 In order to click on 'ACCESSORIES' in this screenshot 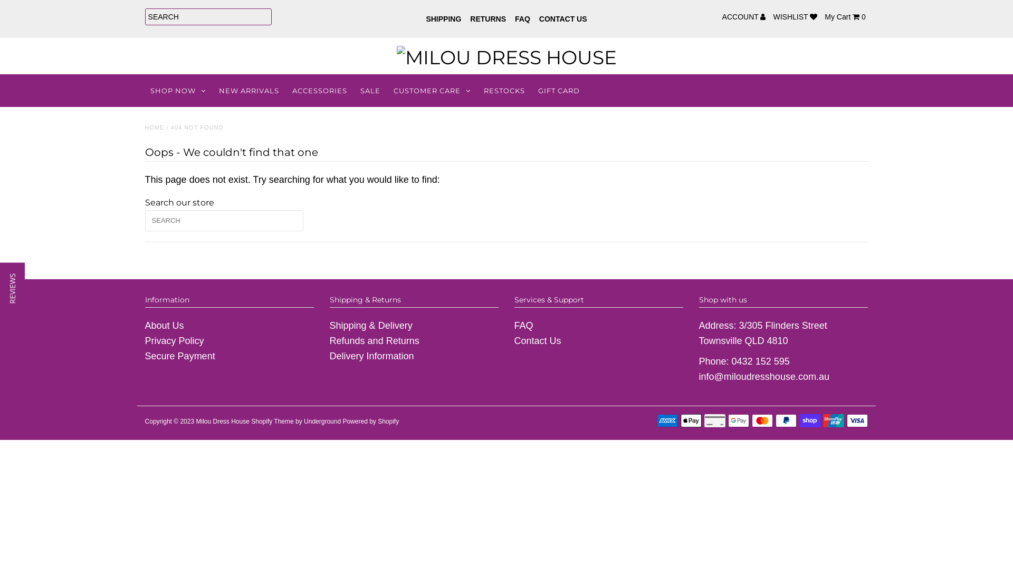, I will do `click(319, 90)`.